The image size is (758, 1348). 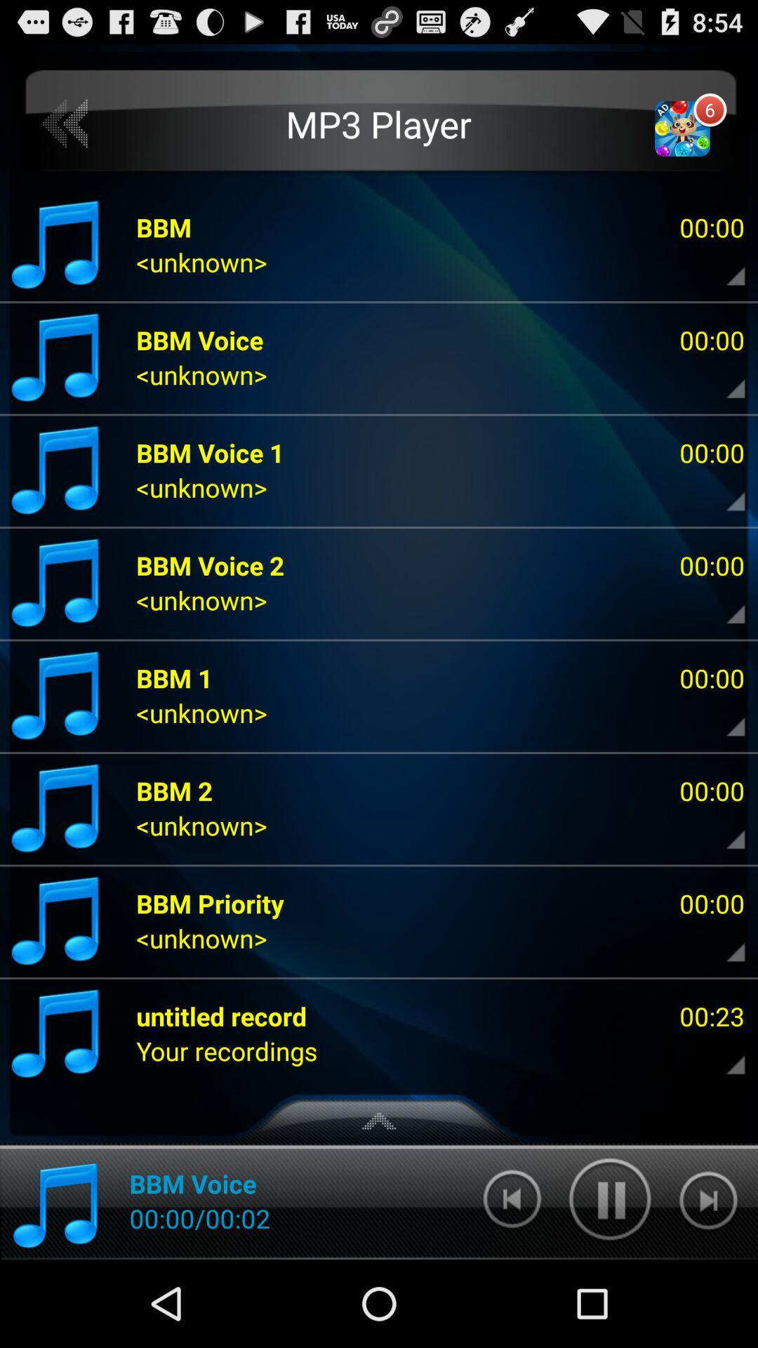 I want to click on share, so click(x=724, y=717).